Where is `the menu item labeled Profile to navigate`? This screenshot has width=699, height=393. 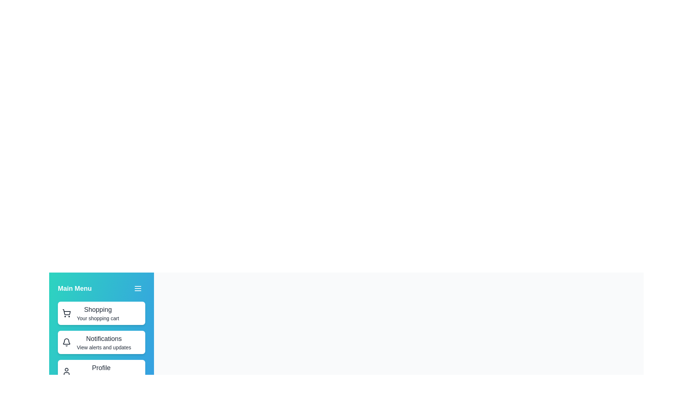
the menu item labeled Profile to navigate is located at coordinates (101, 372).